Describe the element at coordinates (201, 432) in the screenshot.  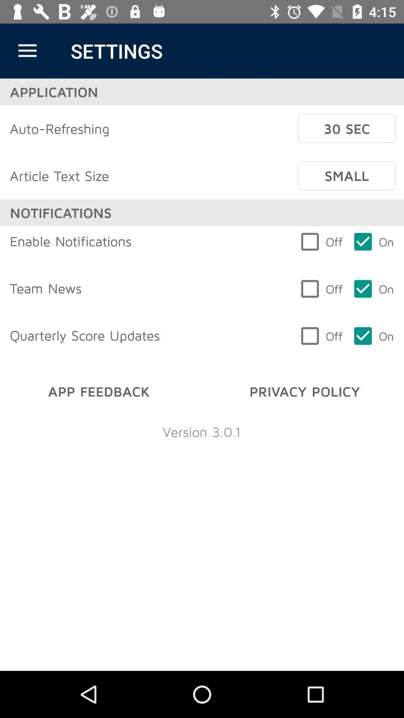
I see `the version 3 0 item` at that location.